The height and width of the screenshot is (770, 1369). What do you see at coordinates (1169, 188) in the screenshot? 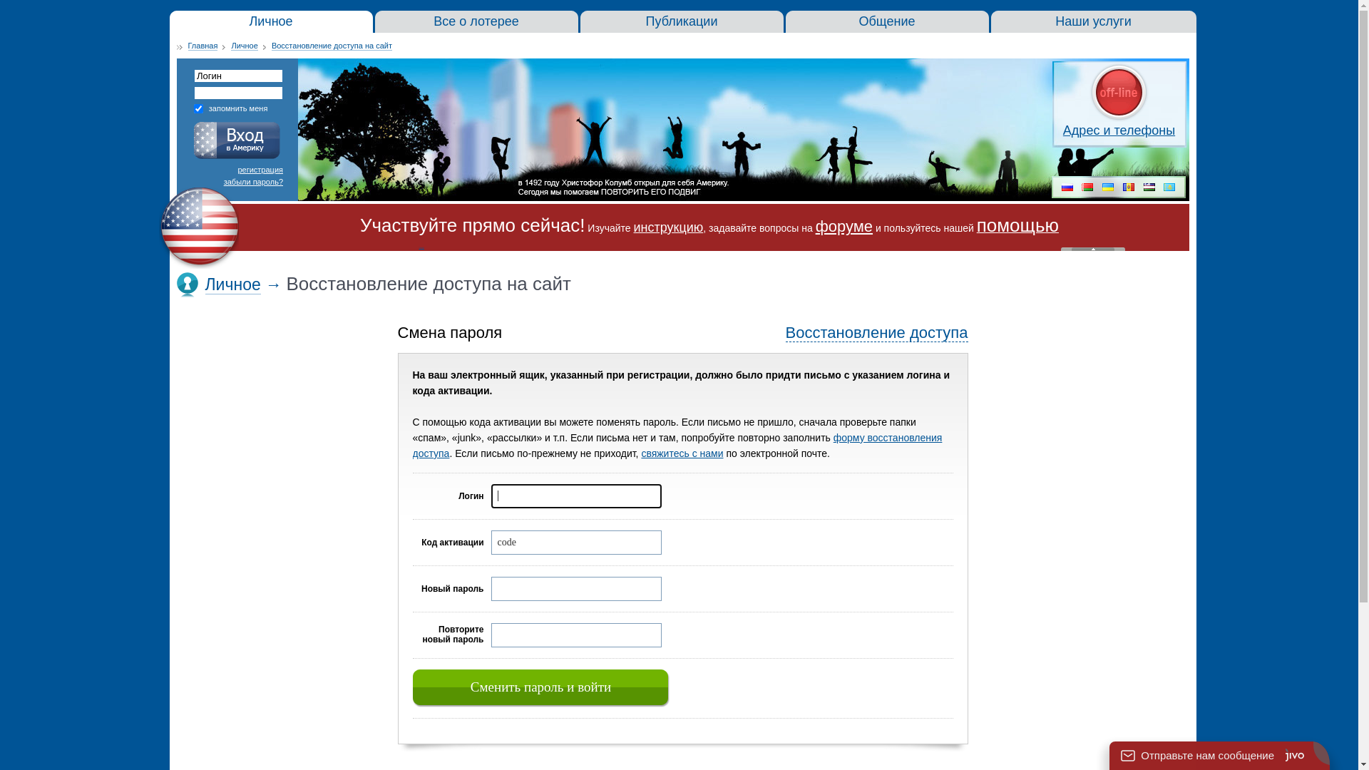
I see `'kz'` at bounding box center [1169, 188].